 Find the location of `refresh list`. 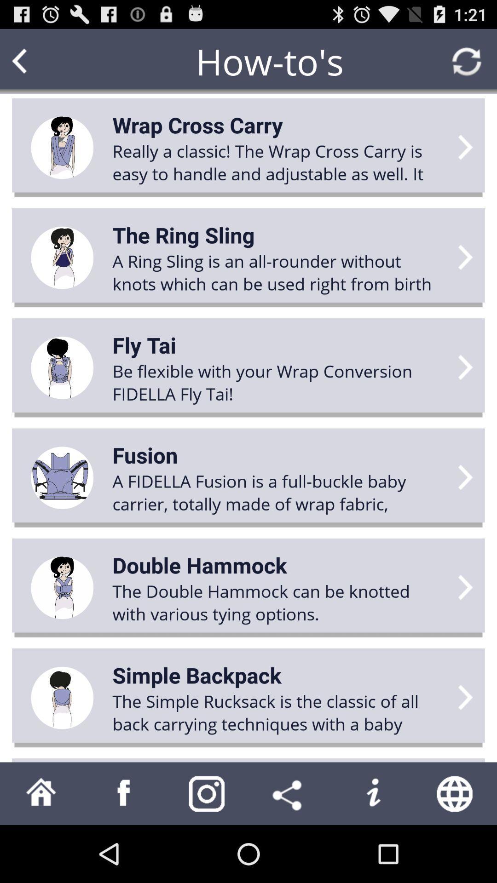

refresh list is located at coordinates (467, 61).